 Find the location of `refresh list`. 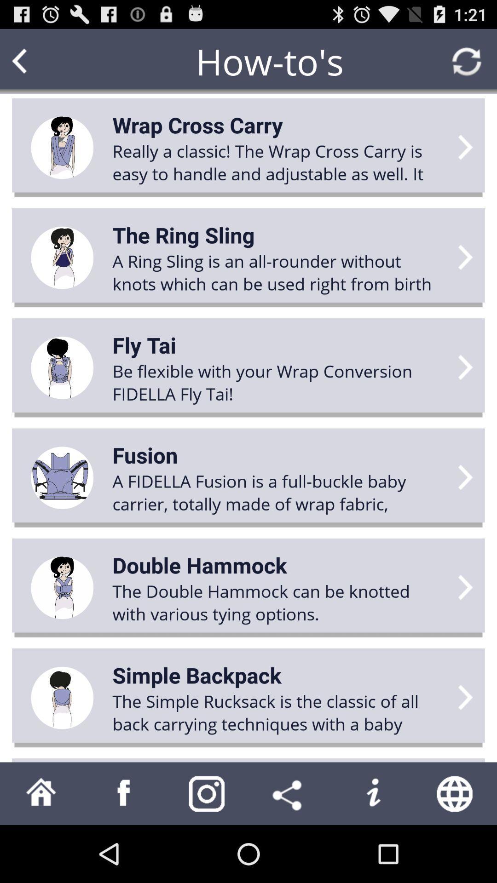

refresh list is located at coordinates (467, 61).